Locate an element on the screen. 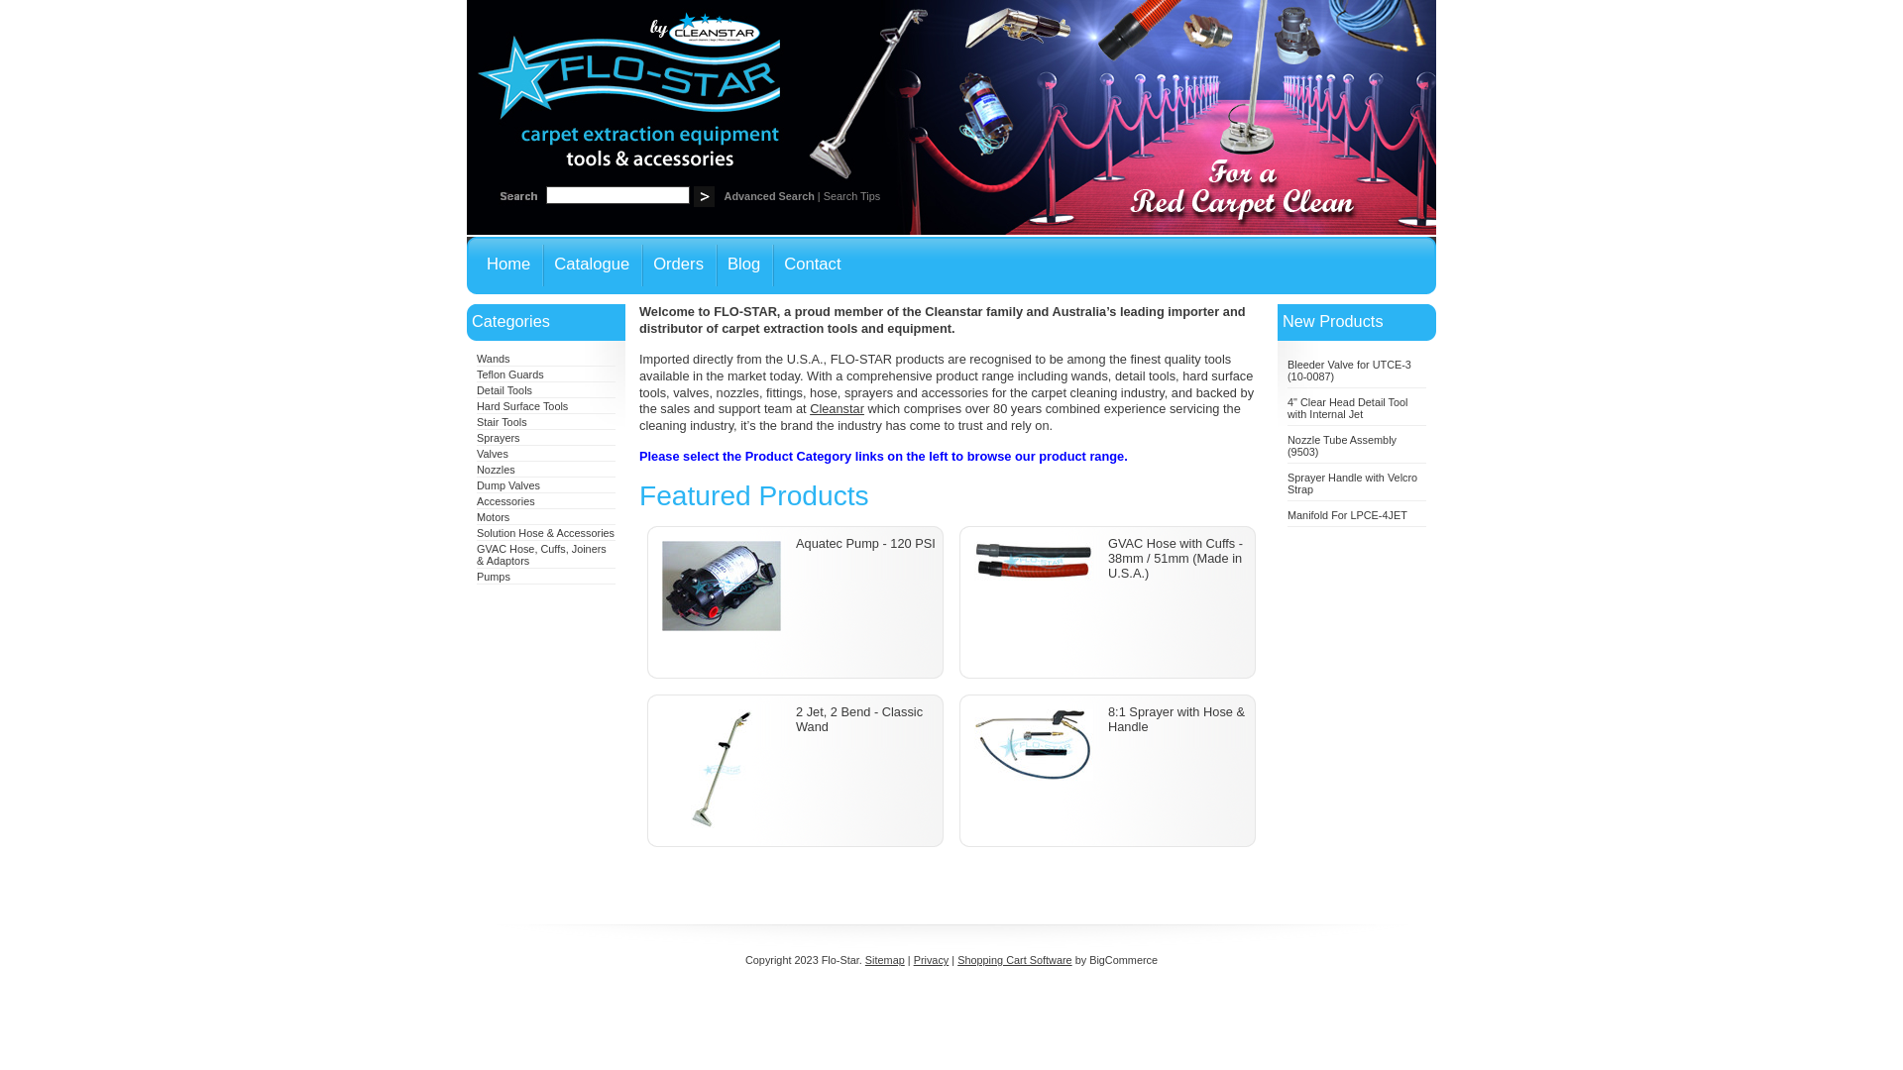  '4" Clear Head Detail Tool with Internal Jet' is located at coordinates (1347, 407).